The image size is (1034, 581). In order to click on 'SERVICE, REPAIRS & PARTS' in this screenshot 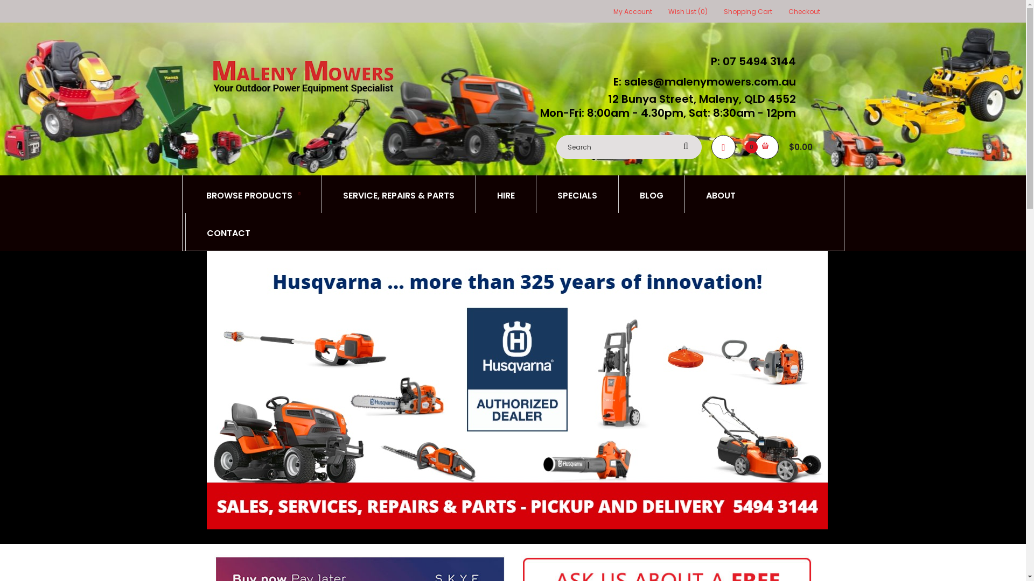, I will do `click(398, 194)`.